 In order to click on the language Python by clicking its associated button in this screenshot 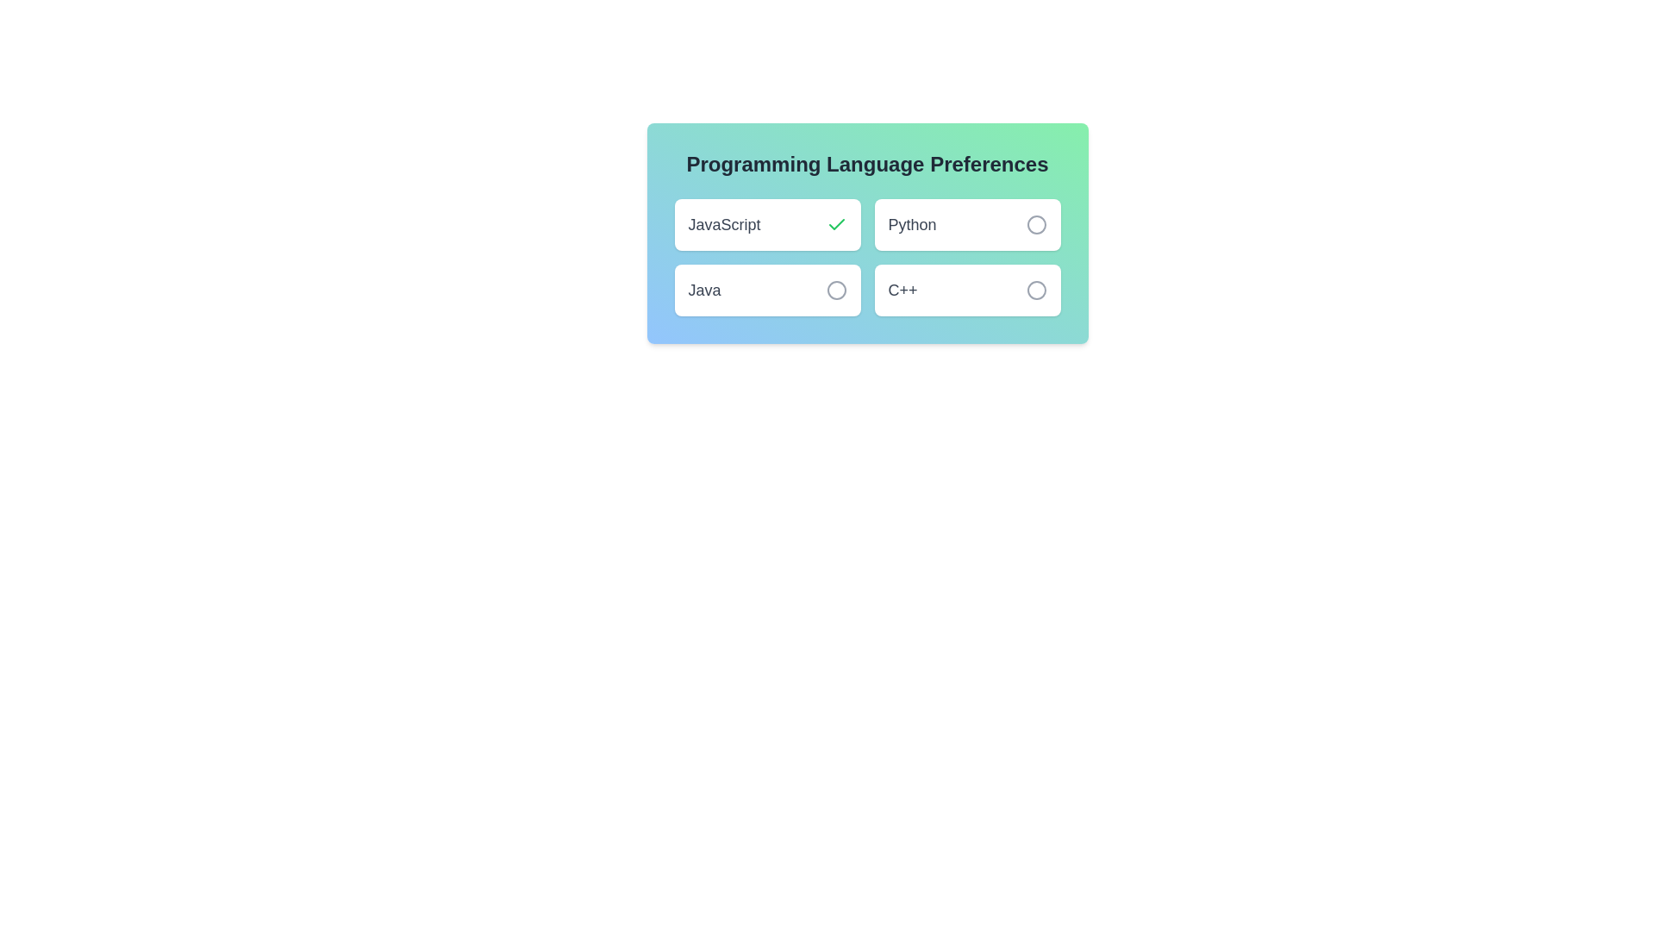, I will do `click(1035, 224)`.